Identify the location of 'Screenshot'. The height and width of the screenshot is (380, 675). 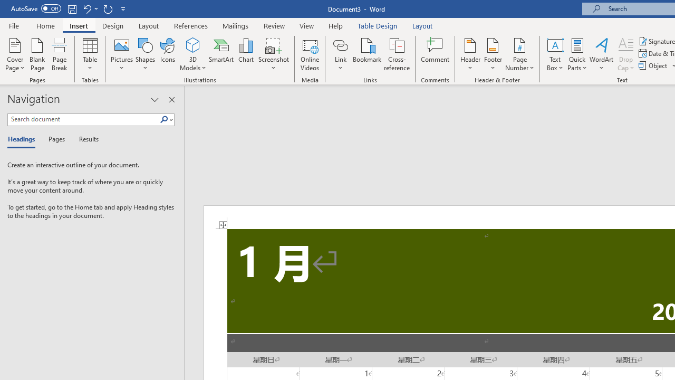
(274, 54).